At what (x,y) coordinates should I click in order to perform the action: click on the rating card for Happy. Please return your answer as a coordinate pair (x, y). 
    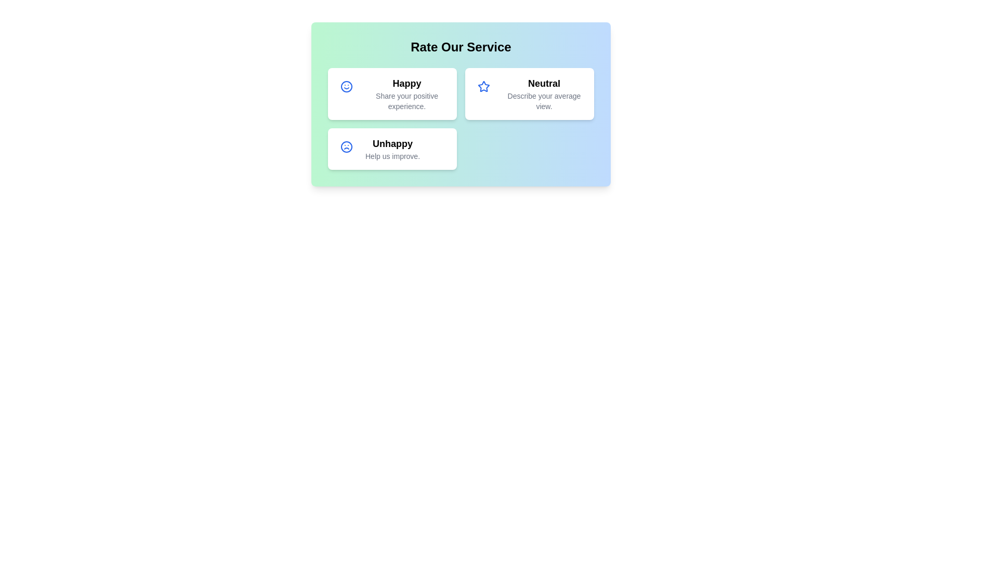
    Looking at the image, I should click on (391, 94).